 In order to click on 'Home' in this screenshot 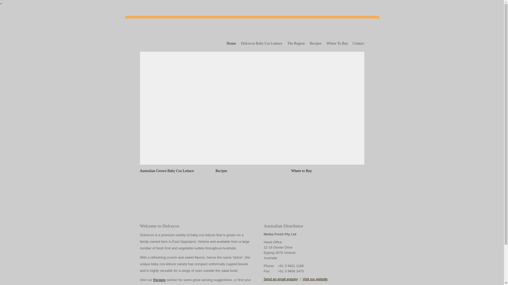, I will do `click(231, 43)`.